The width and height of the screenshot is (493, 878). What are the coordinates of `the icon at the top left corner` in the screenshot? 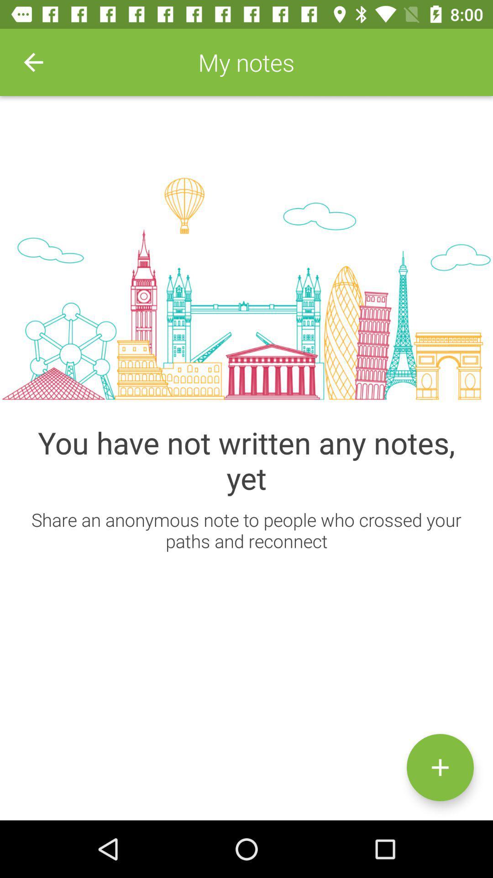 It's located at (33, 62).